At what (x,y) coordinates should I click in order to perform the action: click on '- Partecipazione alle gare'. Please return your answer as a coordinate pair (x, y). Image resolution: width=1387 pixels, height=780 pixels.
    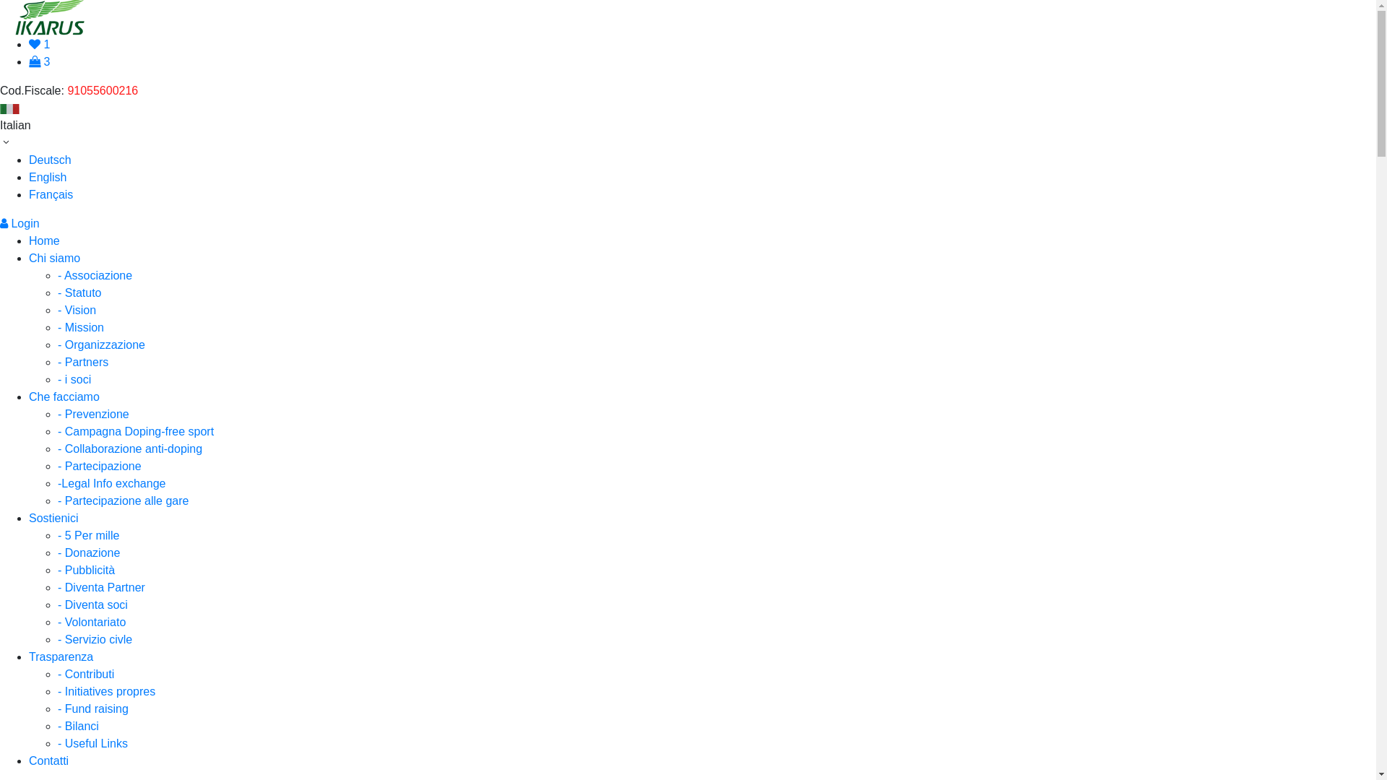
    Looking at the image, I should click on (123, 500).